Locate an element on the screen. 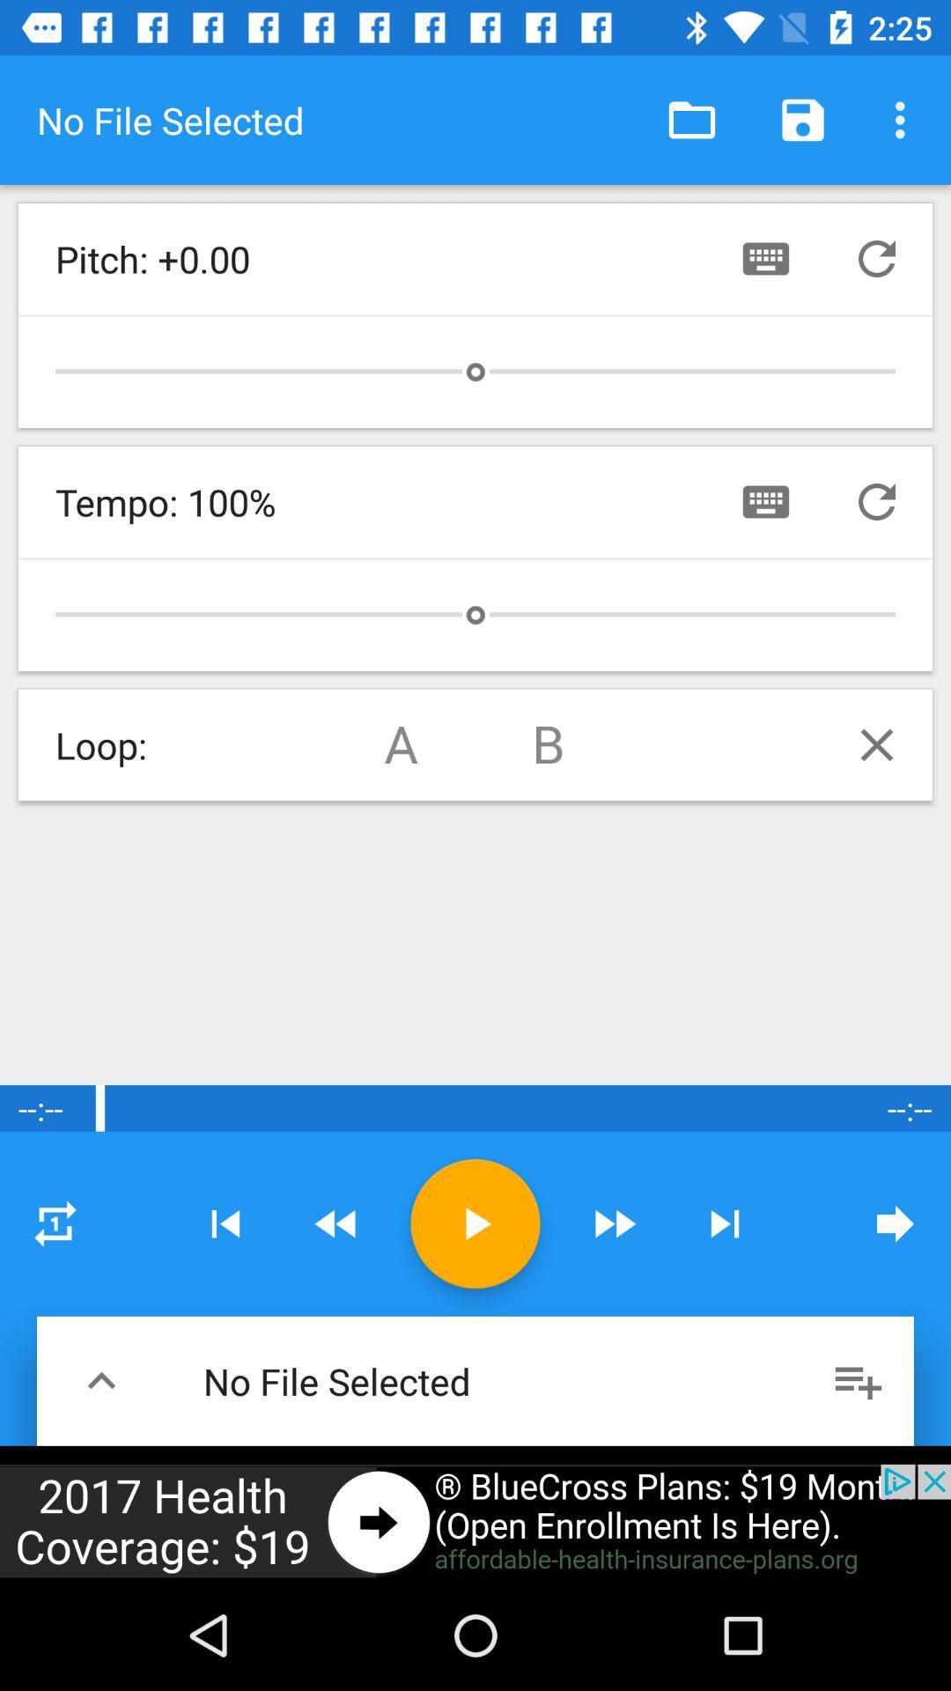  previous is located at coordinates (876, 257).